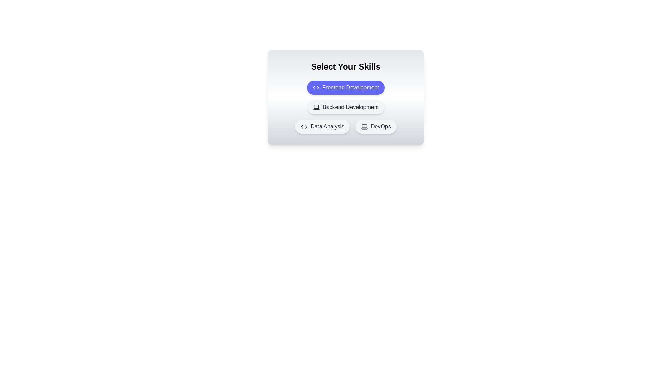 Image resolution: width=669 pixels, height=376 pixels. Describe the element at coordinates (322, 126) in the screenshot. I see `the skill chip labeled 'Data Analysis' to toggle its selection state` at that location.